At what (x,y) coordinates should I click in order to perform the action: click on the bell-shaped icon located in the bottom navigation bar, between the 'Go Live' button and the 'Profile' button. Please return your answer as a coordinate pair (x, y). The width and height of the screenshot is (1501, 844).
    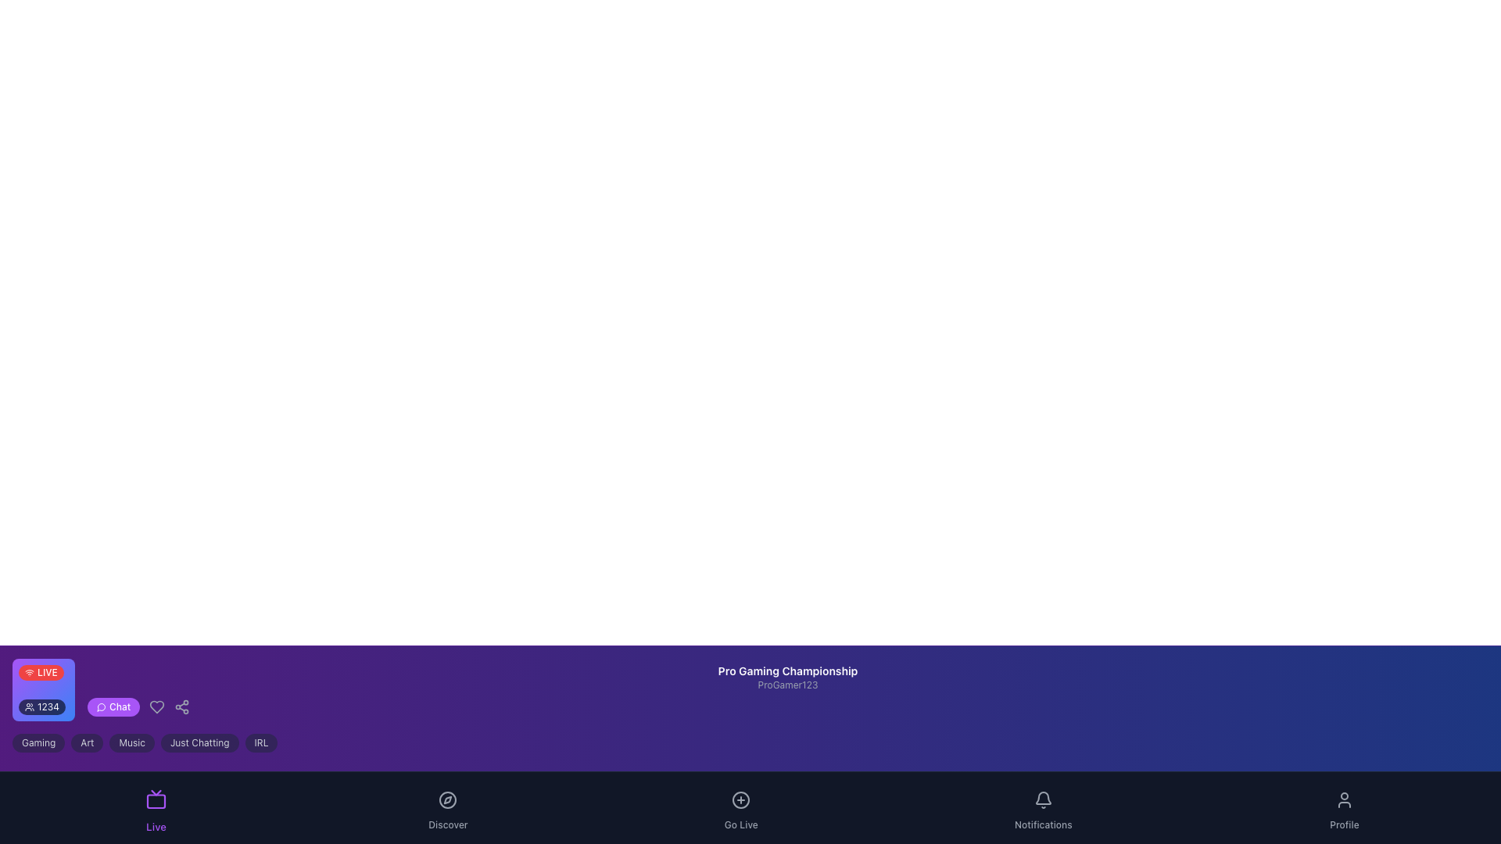
    Looking at the image, I should click on (1043, 799).